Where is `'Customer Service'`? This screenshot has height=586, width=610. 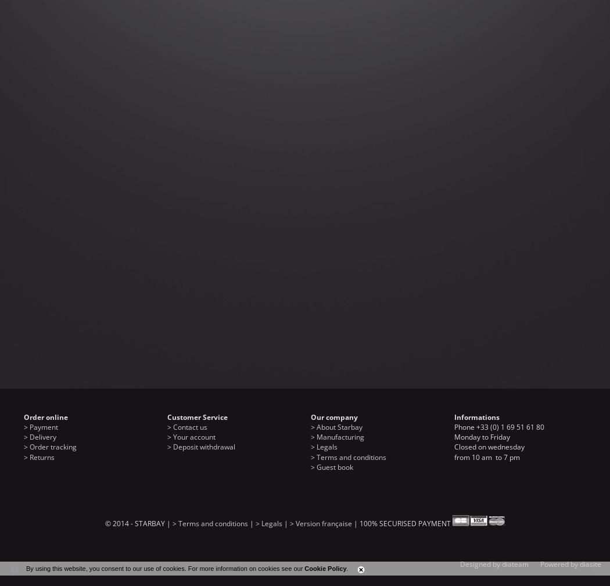 'Customer Service' is located at coordinates (196, 416).